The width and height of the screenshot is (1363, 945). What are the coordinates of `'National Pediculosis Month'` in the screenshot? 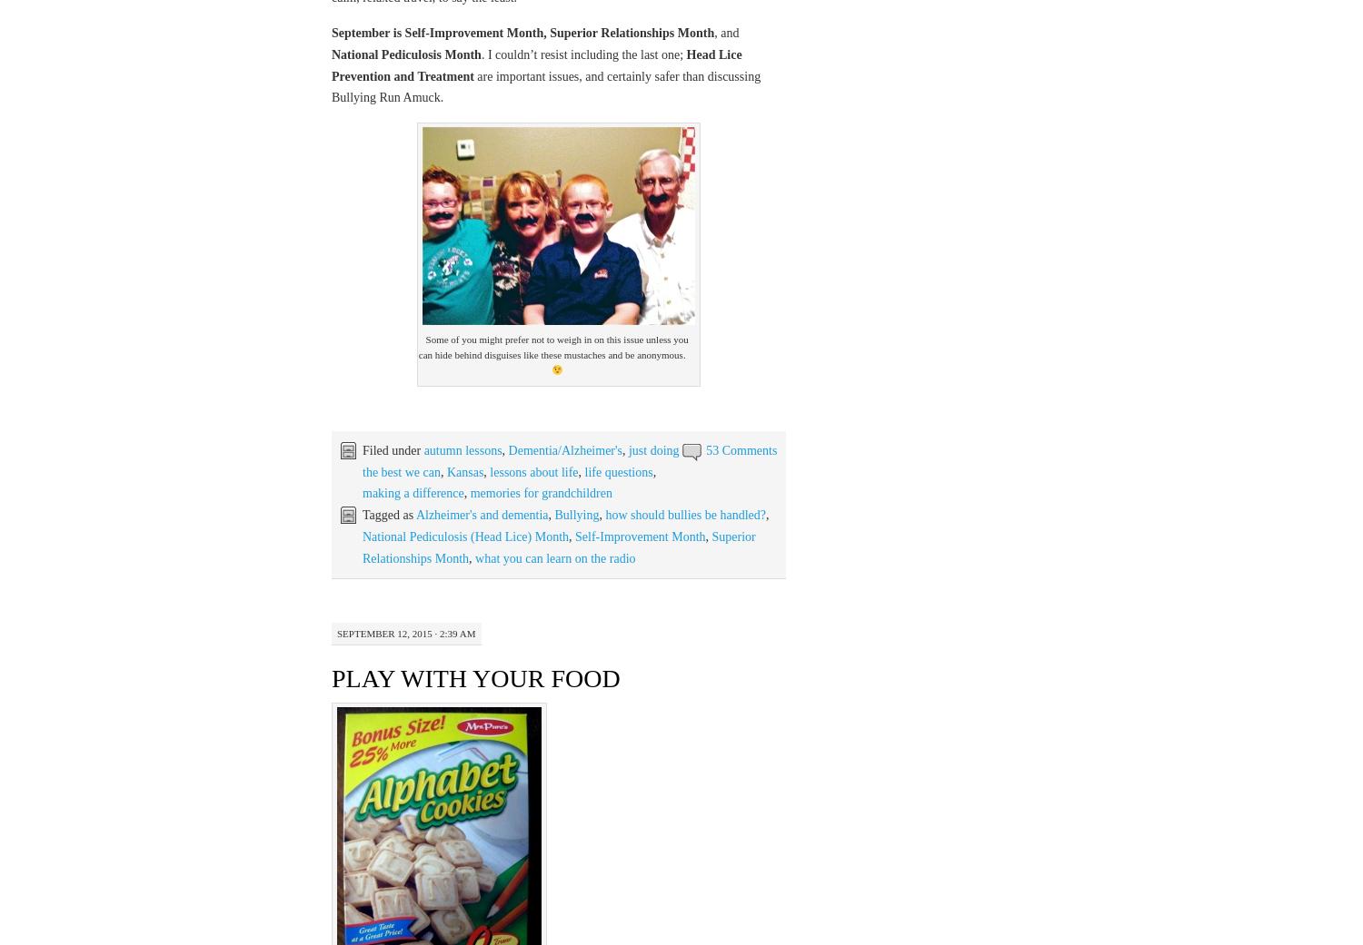 It's located at (405, 53).